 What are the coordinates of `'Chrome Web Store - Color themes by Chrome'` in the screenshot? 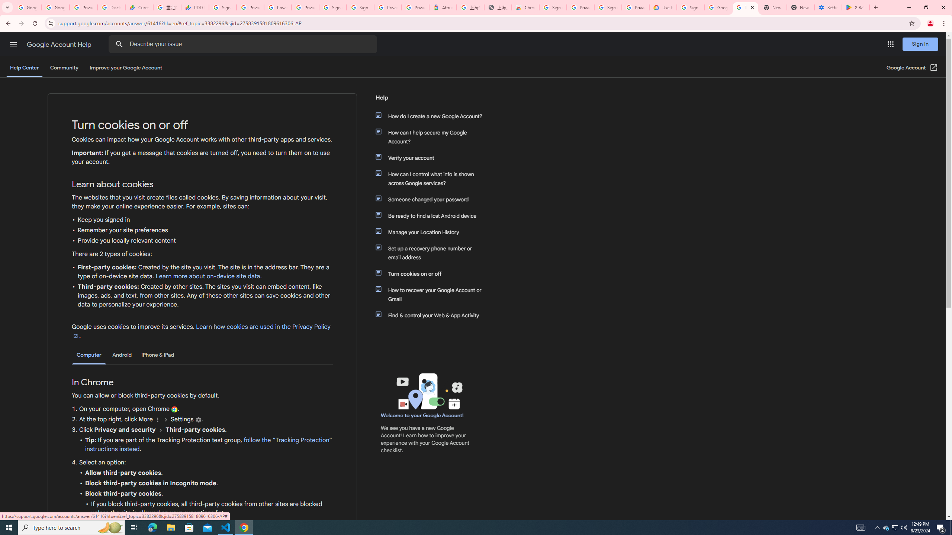 It's located at (525, 7).